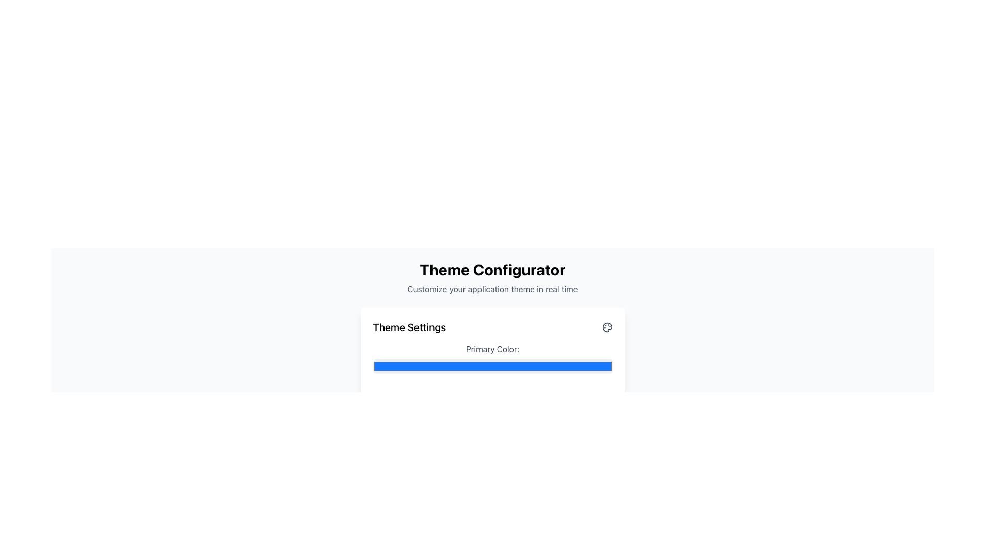  What do you see at coordinates (492, 350) in the screenshot?
I see `the color selection bar located within the 'Theme Settings' card` at bounding box center [492, 350].